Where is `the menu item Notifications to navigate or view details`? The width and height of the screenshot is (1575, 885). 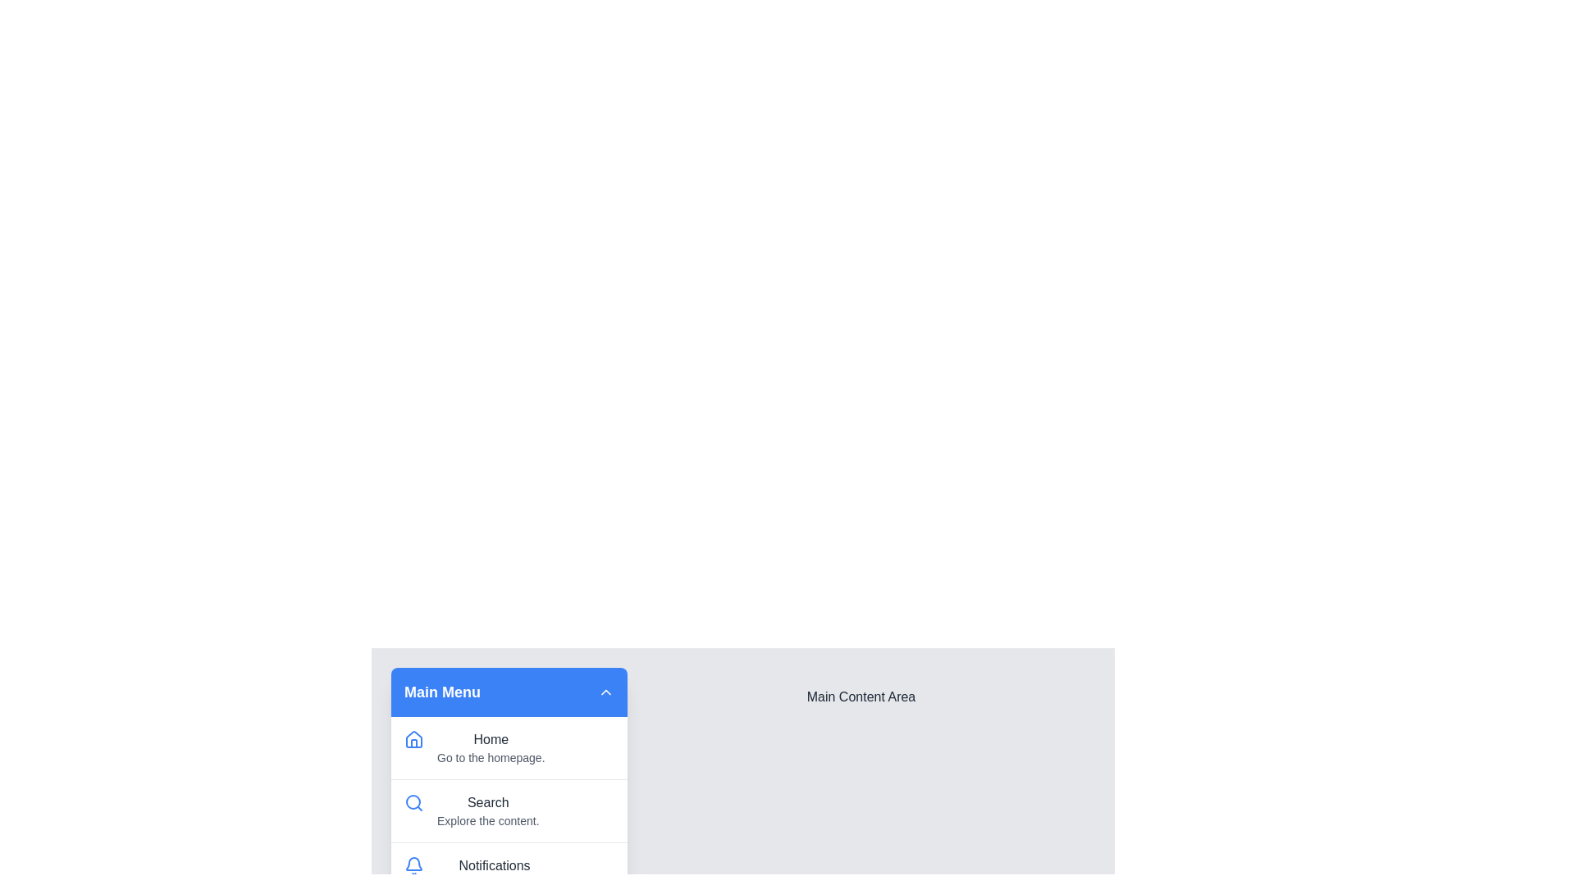 the menu item Notifications to navigate or view details is located at coordinates (508, 873).